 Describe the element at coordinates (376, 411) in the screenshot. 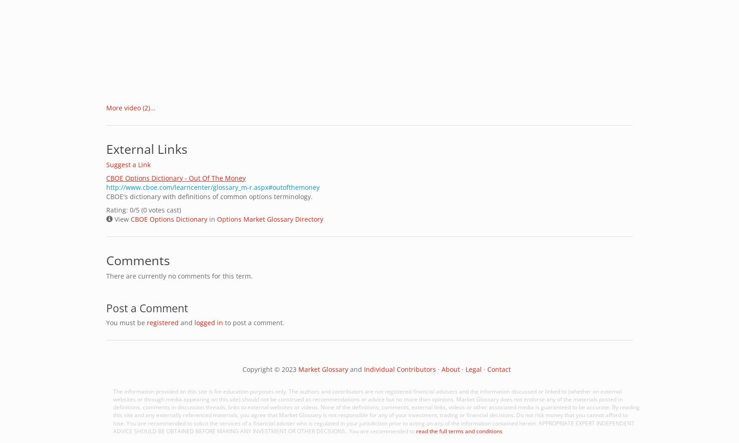

I see `'The information provided on this site is for education purposes only. The authors and contributors are not registered financial advisers and the information discussed or linked to (whether on external websites or through media appearing on this site) should not be construed as recommendations or advice but no more than opinions. Market Glossary does not endorse any of the materials posted in definitions, comments in discussion threads, links to external websites or videos. None of the definitions, comments, external links, videos or other associated media is guaranteed to be accurate. By reading this site and any externally referenced materials, you agree that Market Glossary is not responsible for any of your investment, trading or financial decisions. Do not risk money that you cannot afford to lose.  You are recommended to solicit the services of a financial adviser who is regulated in your jurisdiction prior to acting on any of the information contained herein.  APPROPRIATE EXPERT INDEPENDENT ADVICE SHOULD BE OBTAINED BEFORE MAKING ANY INVESTMENT OR OTHER DECISIONS..  You are recommended to'` at that location.